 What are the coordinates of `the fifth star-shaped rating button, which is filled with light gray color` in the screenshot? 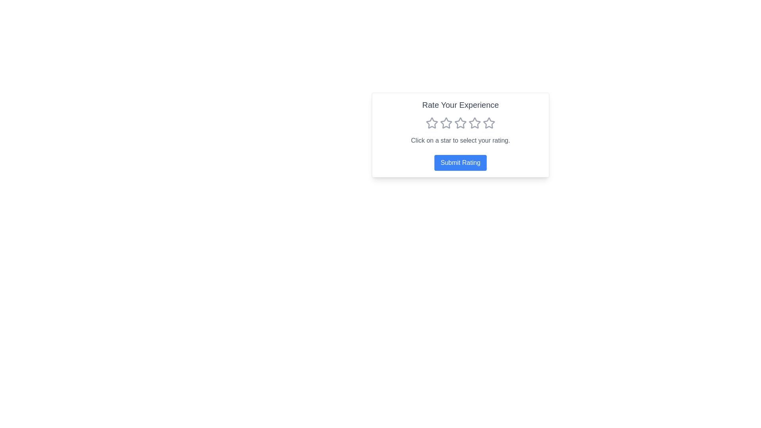 It's located at (488, 123).